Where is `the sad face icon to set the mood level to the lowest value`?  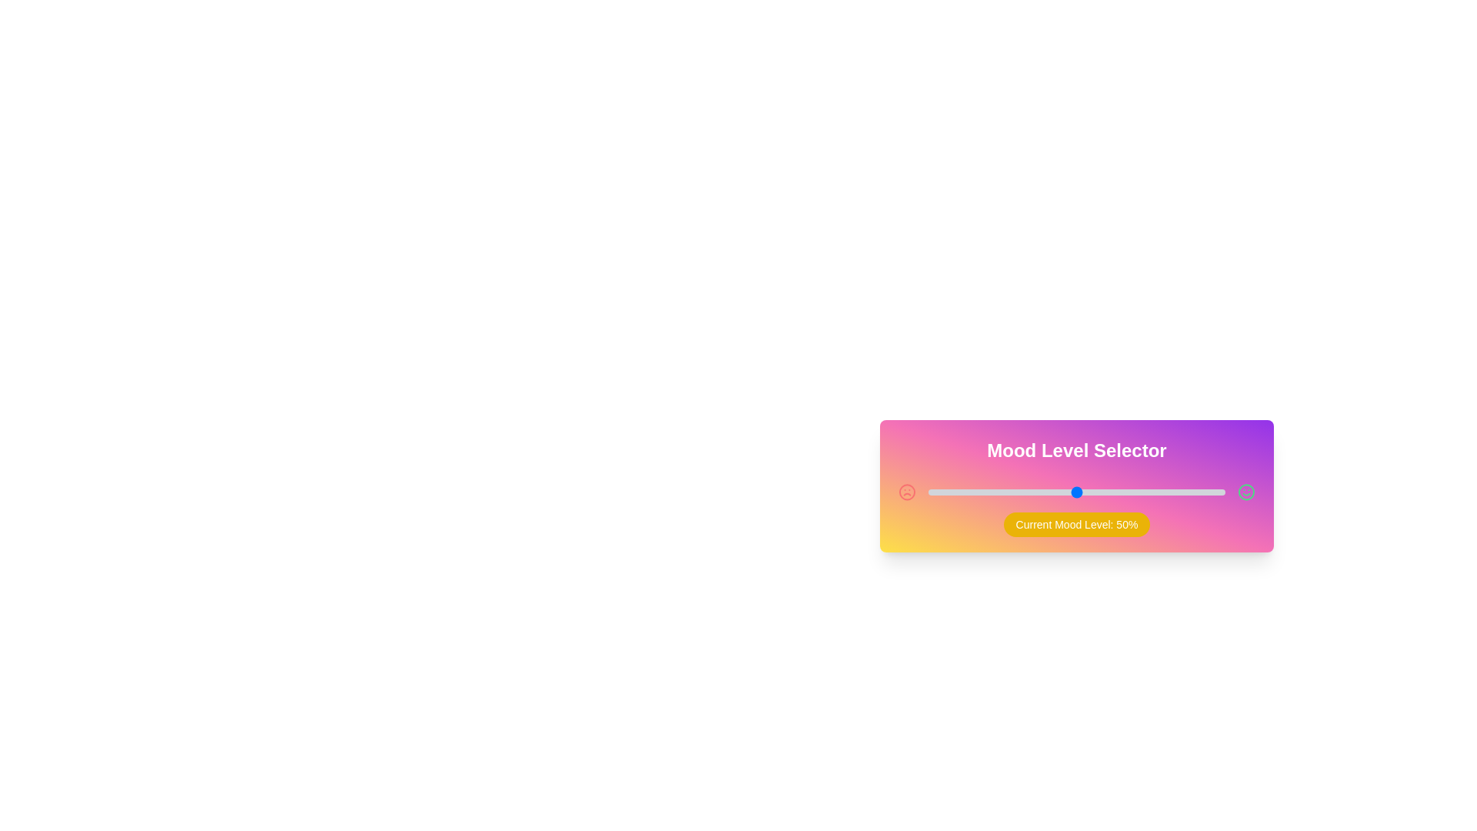
the sad face icon to set the mood level to the lowest value is located at coordinates (907, 492).